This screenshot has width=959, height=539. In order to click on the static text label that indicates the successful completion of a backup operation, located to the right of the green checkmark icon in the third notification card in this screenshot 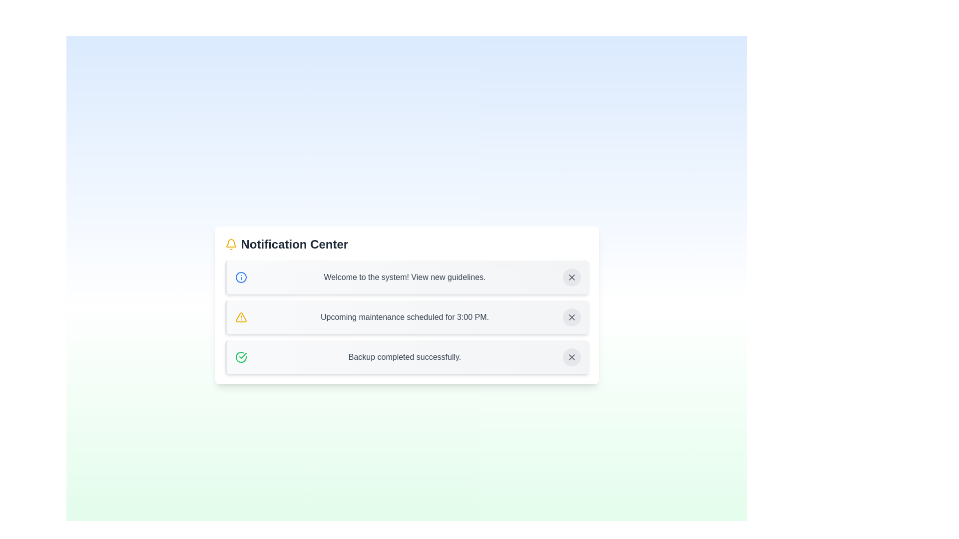, I will do `click(405, 357)`.